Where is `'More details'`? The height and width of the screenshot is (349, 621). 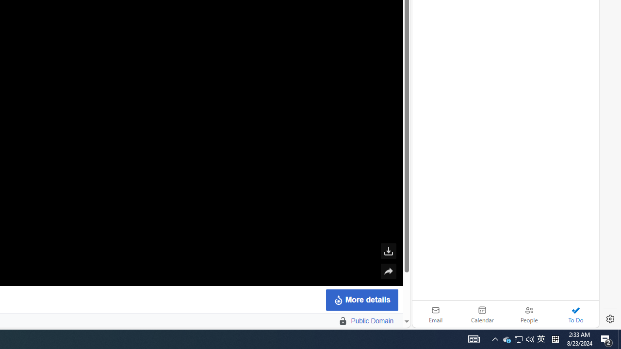
'More details' is located at coordinates (361, 299).